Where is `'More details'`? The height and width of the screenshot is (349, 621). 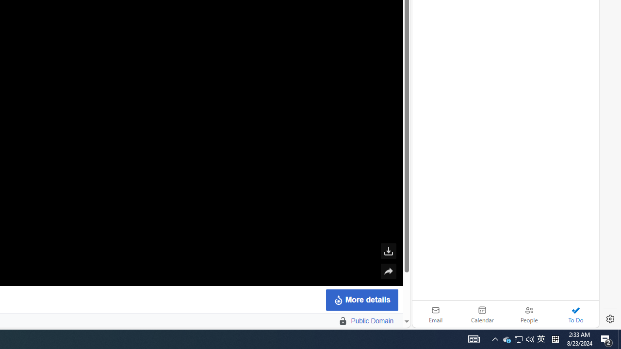
'More details' is located at coordinates (361, 299).